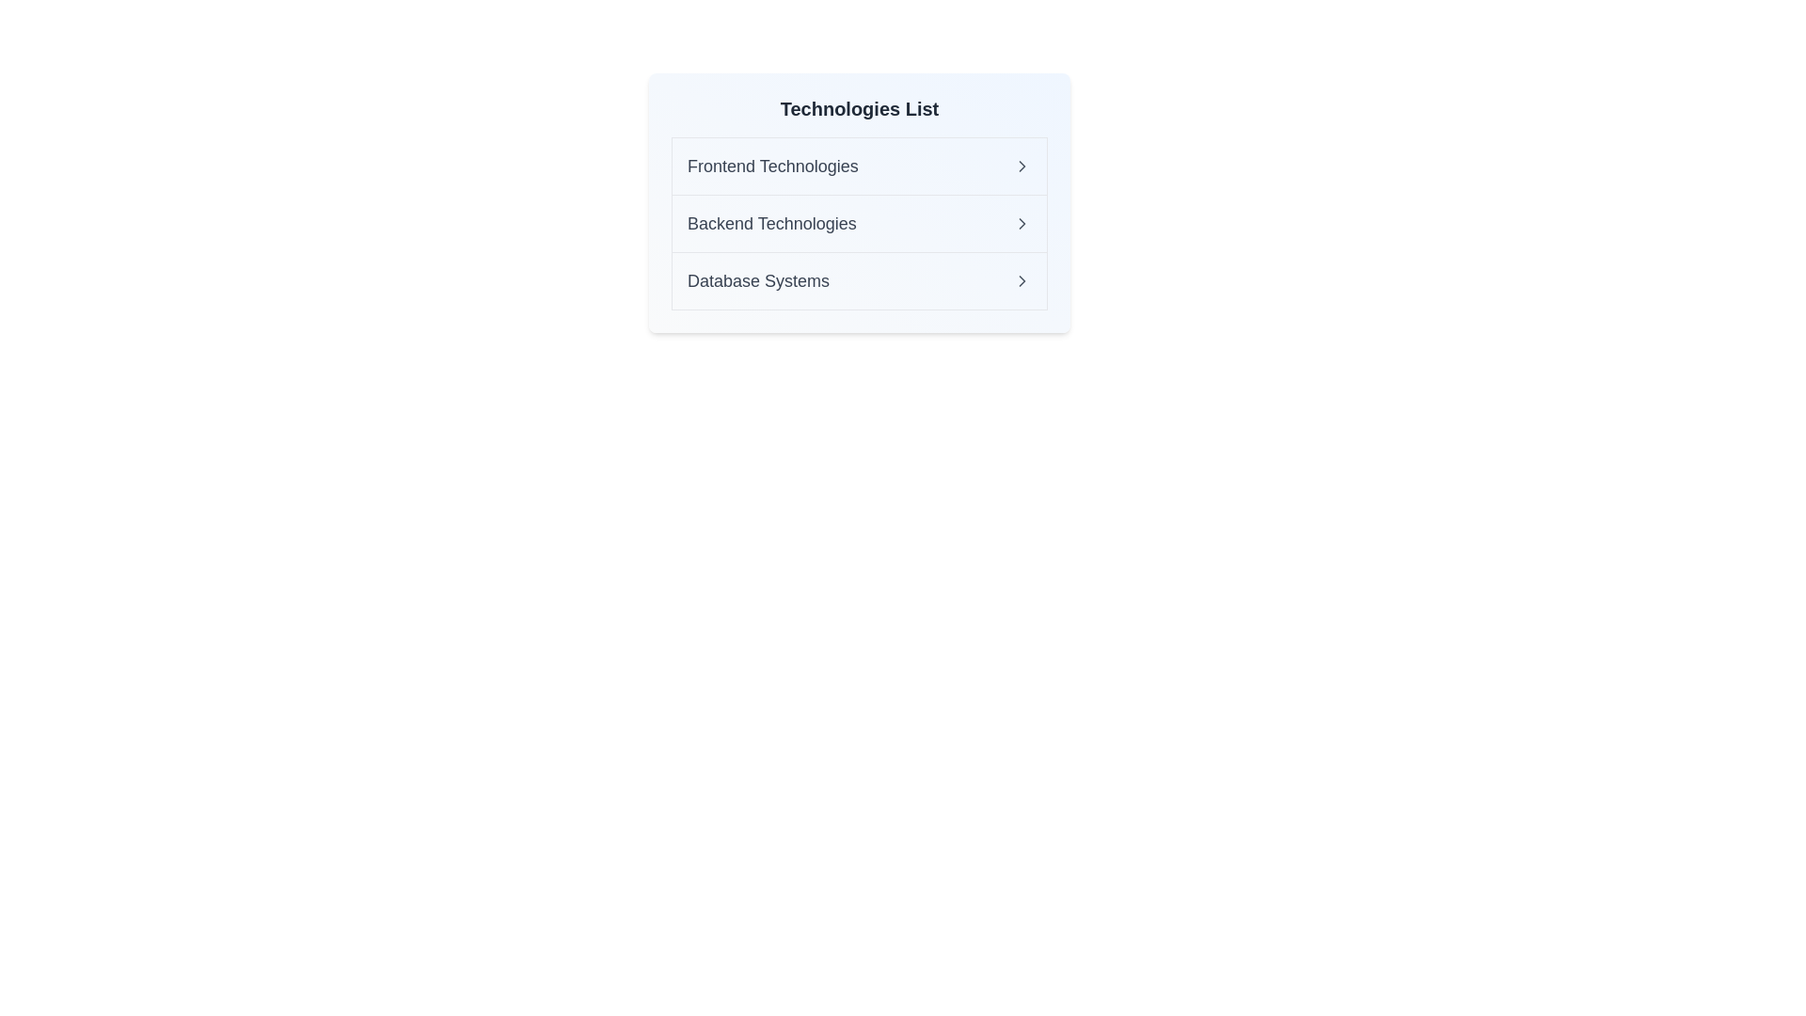 This screenshot has height=1016, width=1806. Describe the element at coordinates (1021, 281) in the screenshot. I see `the chevron icon of the item titled 'Database Systems' to toggle its expansion` at that location.